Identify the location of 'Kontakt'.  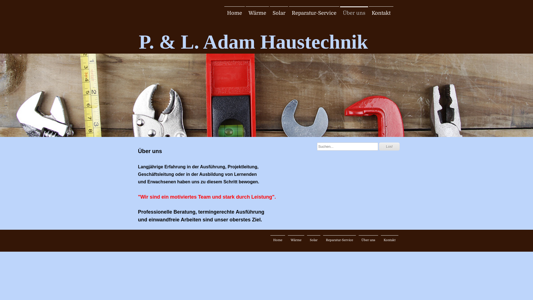
(381, 12).